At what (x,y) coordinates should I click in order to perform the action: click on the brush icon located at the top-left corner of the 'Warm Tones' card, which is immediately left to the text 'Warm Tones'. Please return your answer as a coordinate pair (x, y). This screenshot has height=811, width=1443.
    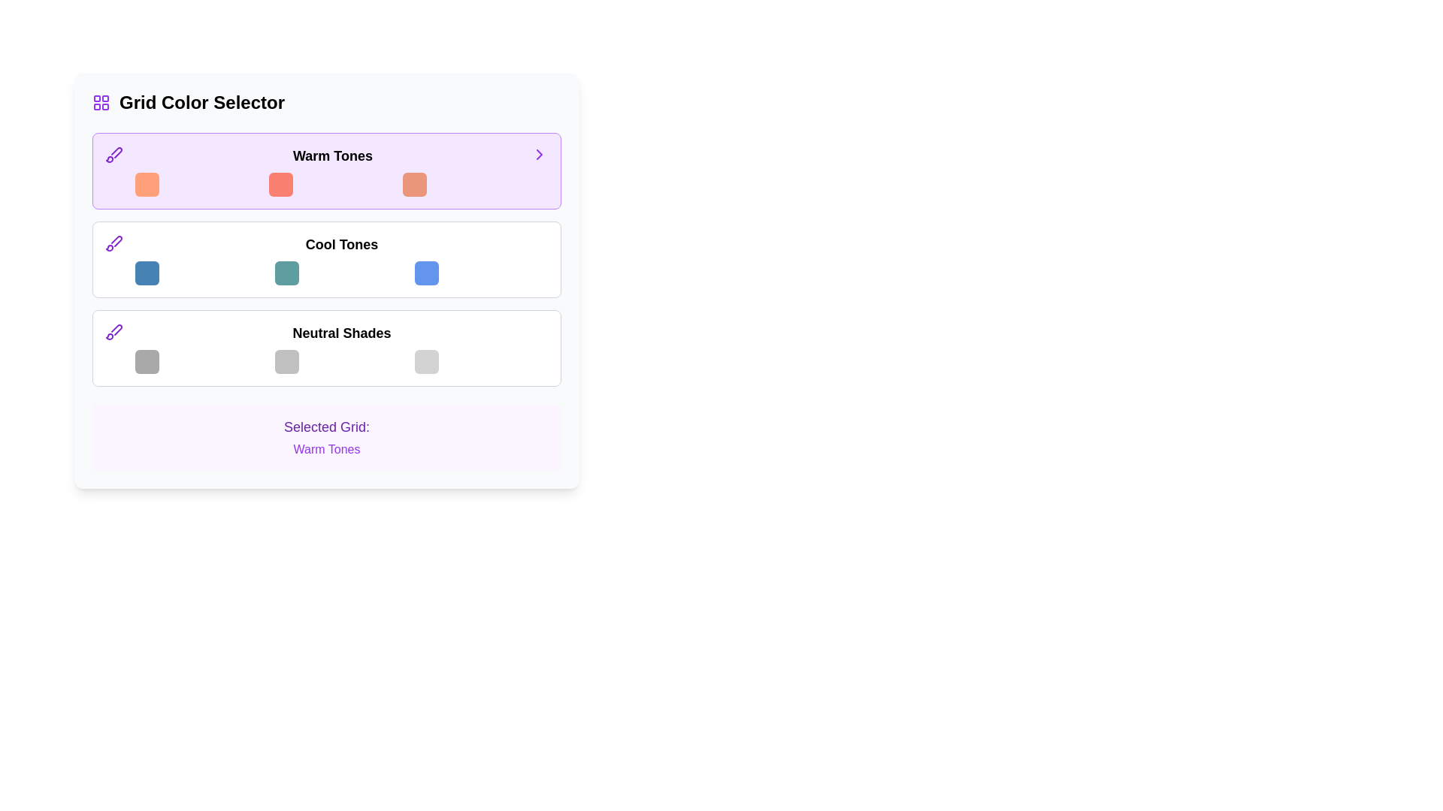
    Looking at the image, I should click on (113, 154).